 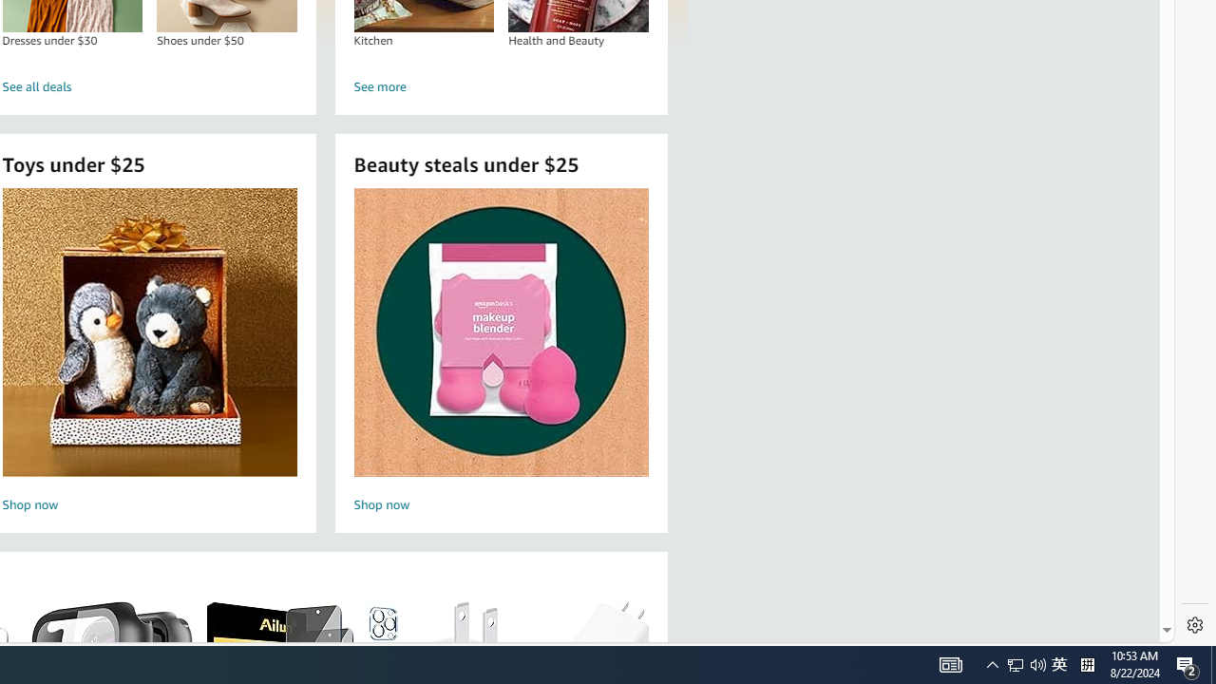 I want to click on 'Beauty steals under $25 Shop now', so click(x=501, y=352).